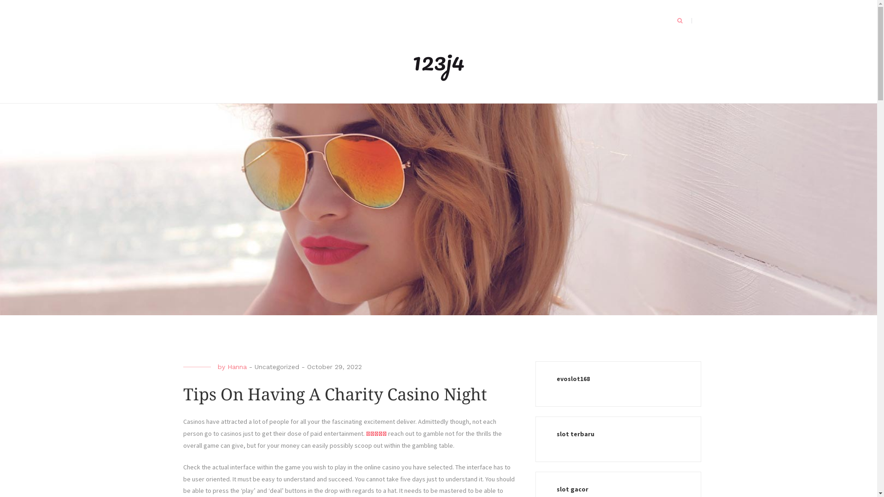 The image size is (884, 497). Describe the element at coordinates (307, 366) in the screenshot. I see `'October 29, 2022'` at that location.